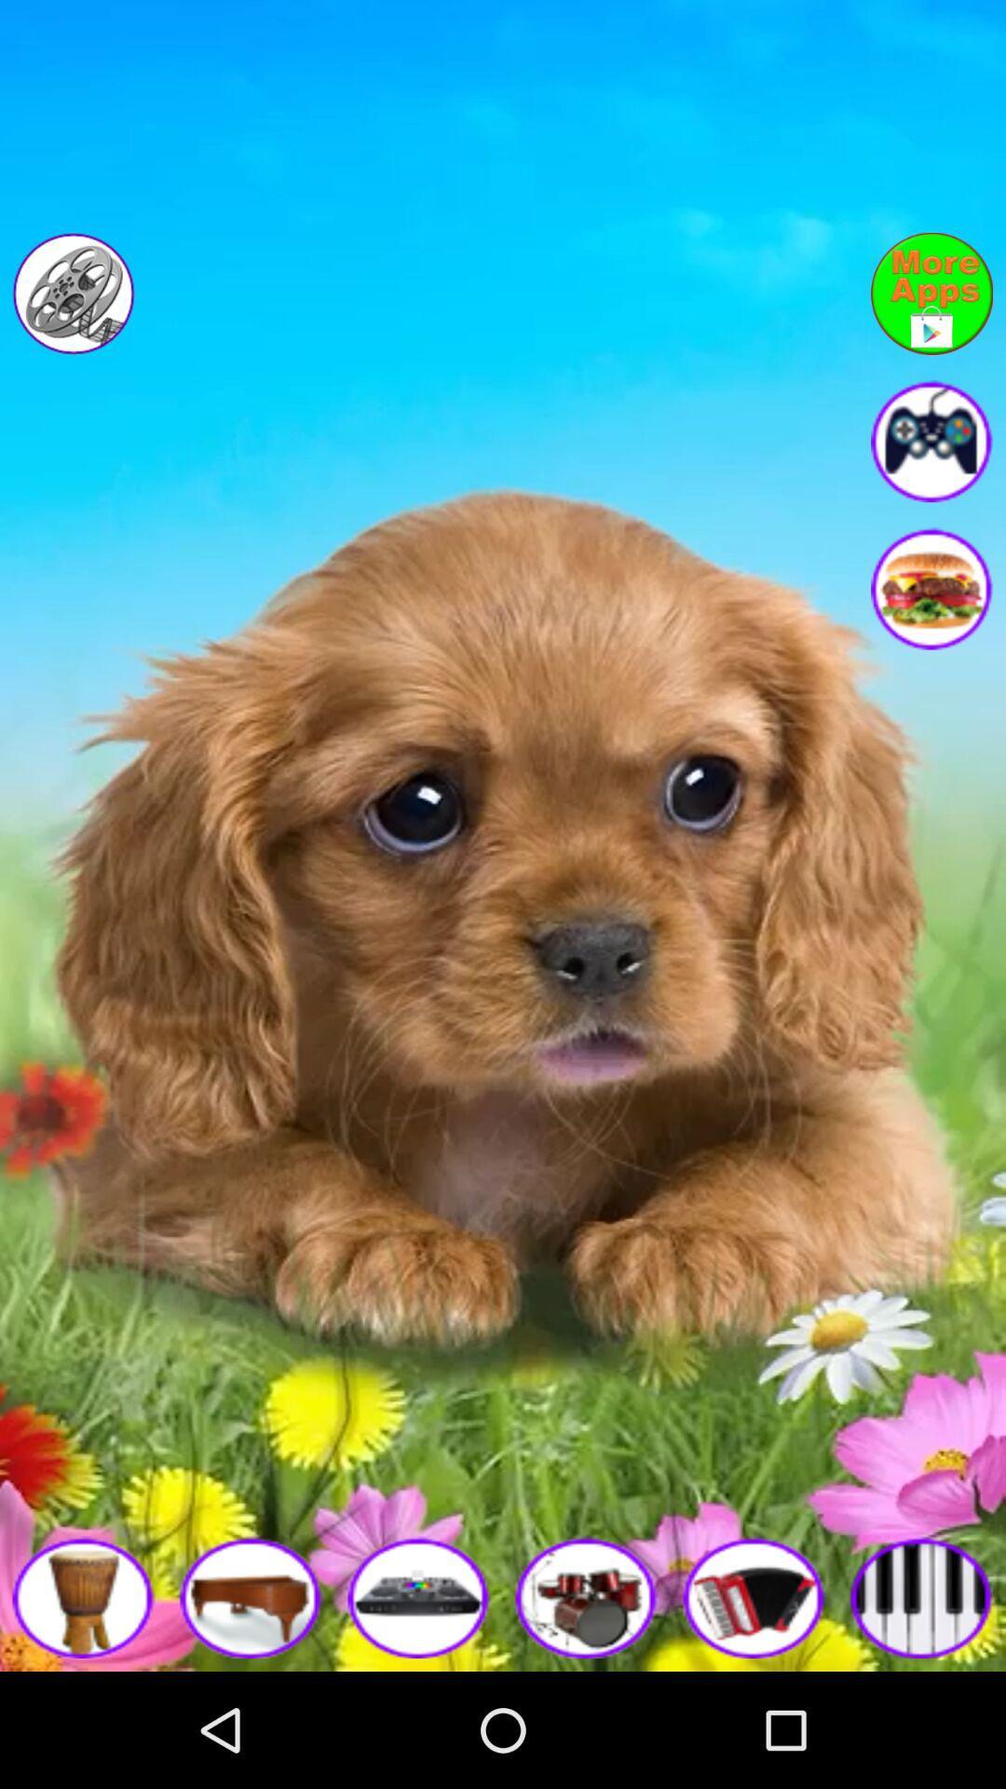  Describe the element at coordinates (251, 1596) in the screenshot. I see `the music` at that location.